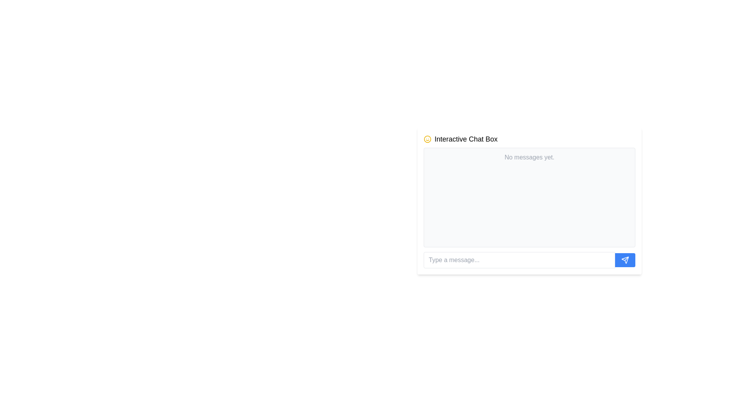  Describe the element at coordinates (427, 139) in the screenshot. I see `the decorative icon in the top-left corner of the 'Interactive Chat Box' header section, which precedes the text 'Interactive Chat Box'` at that location.